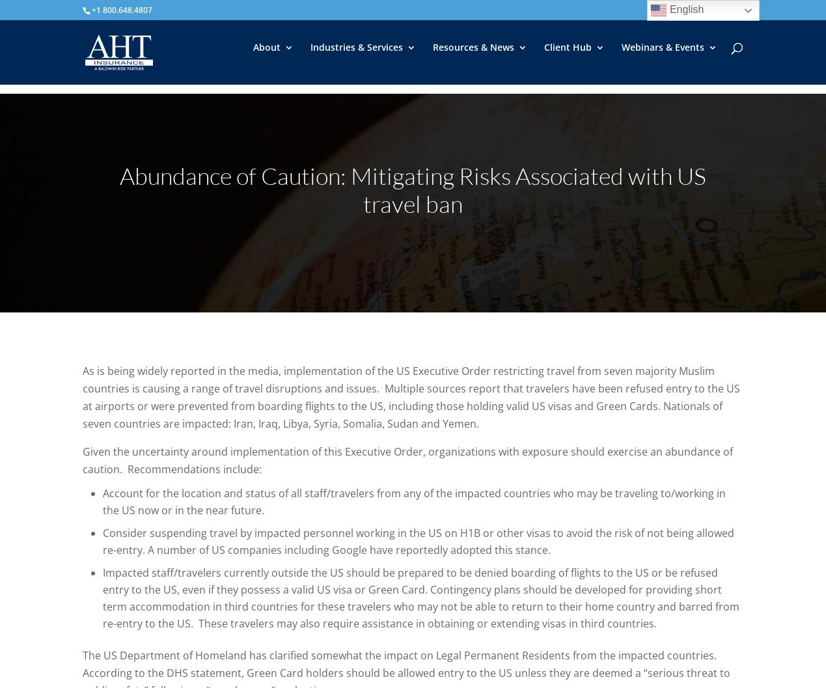  I want to click on 'Employee Benefits Content', so click(499, 201).